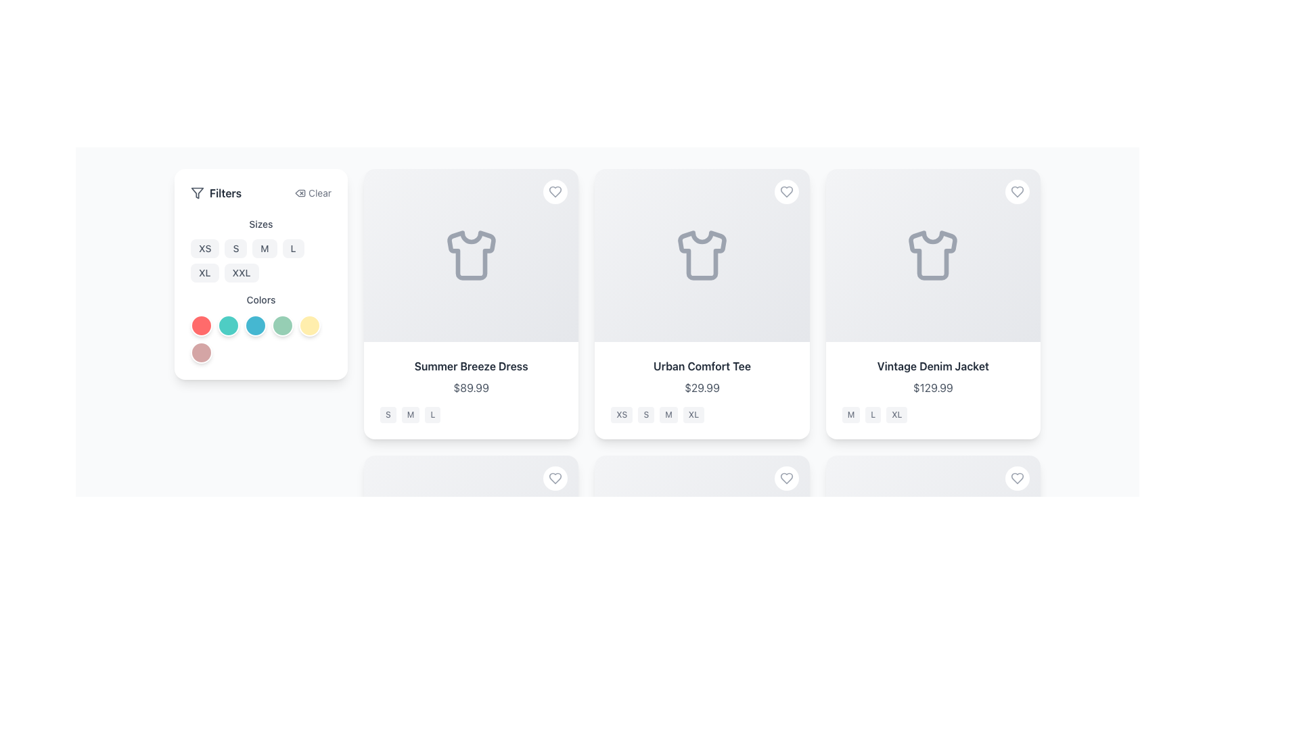 Image resolution: width=1299 pixels, height=730 pixels. Describe the element at coordinates (645, 414) in the screenshot. I see `the second label representing the size option for 'Urban Comfort Tee'` at that location.